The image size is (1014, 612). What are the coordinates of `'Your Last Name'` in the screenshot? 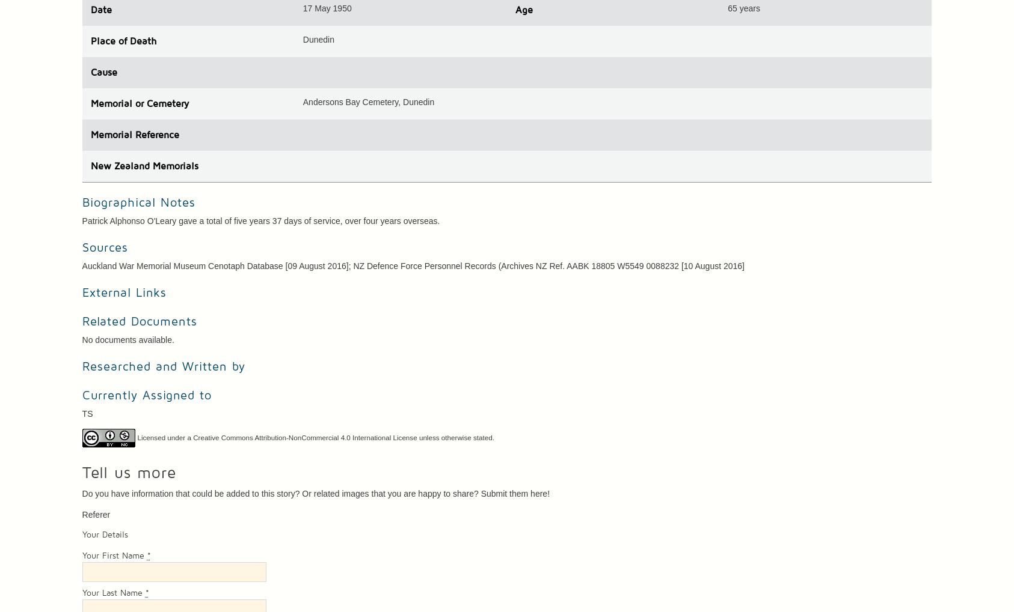 It's located at (113, 593).